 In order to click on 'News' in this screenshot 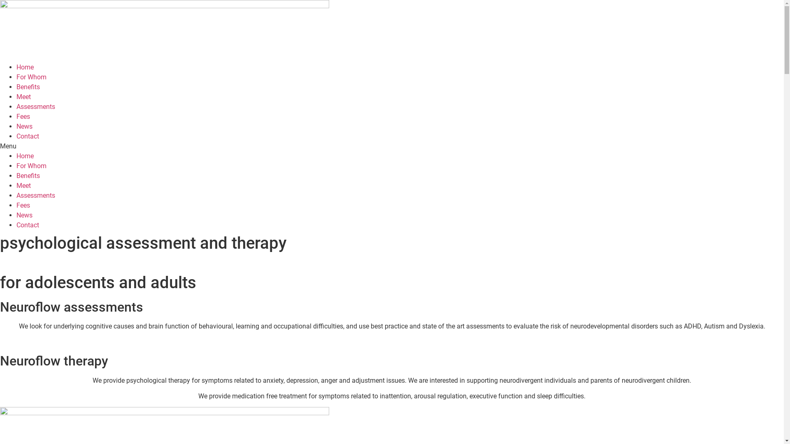, I will do `click(24, 215)`.